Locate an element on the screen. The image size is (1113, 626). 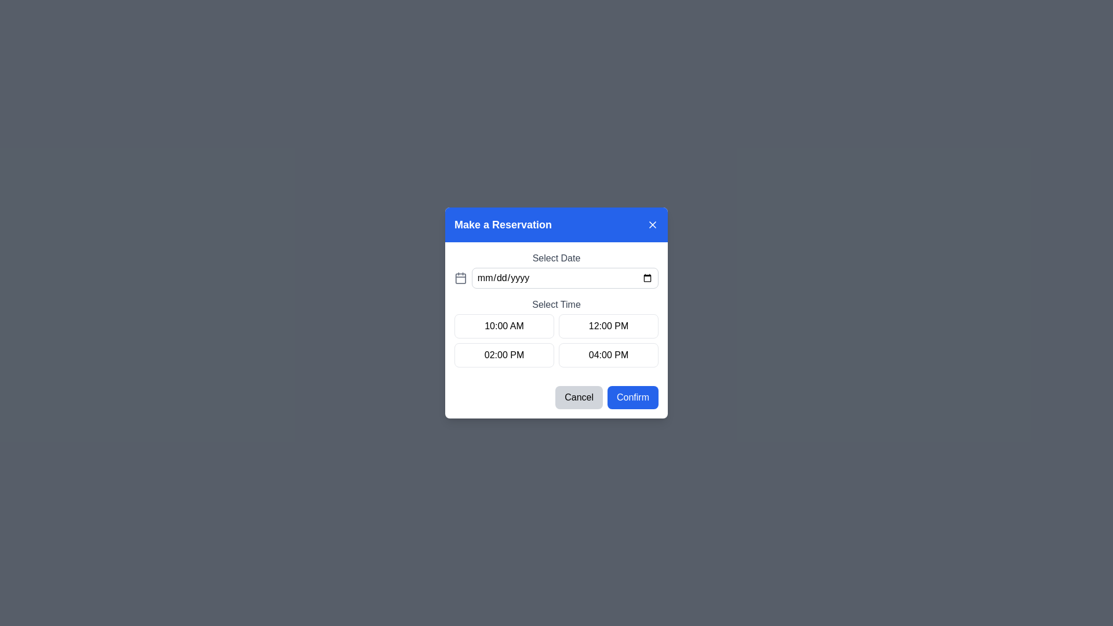
the text label displaying 'Make a Reservation' which is located in the left-center area of the blue header bar of the modal dialog box is located at coordinates (503, 225).